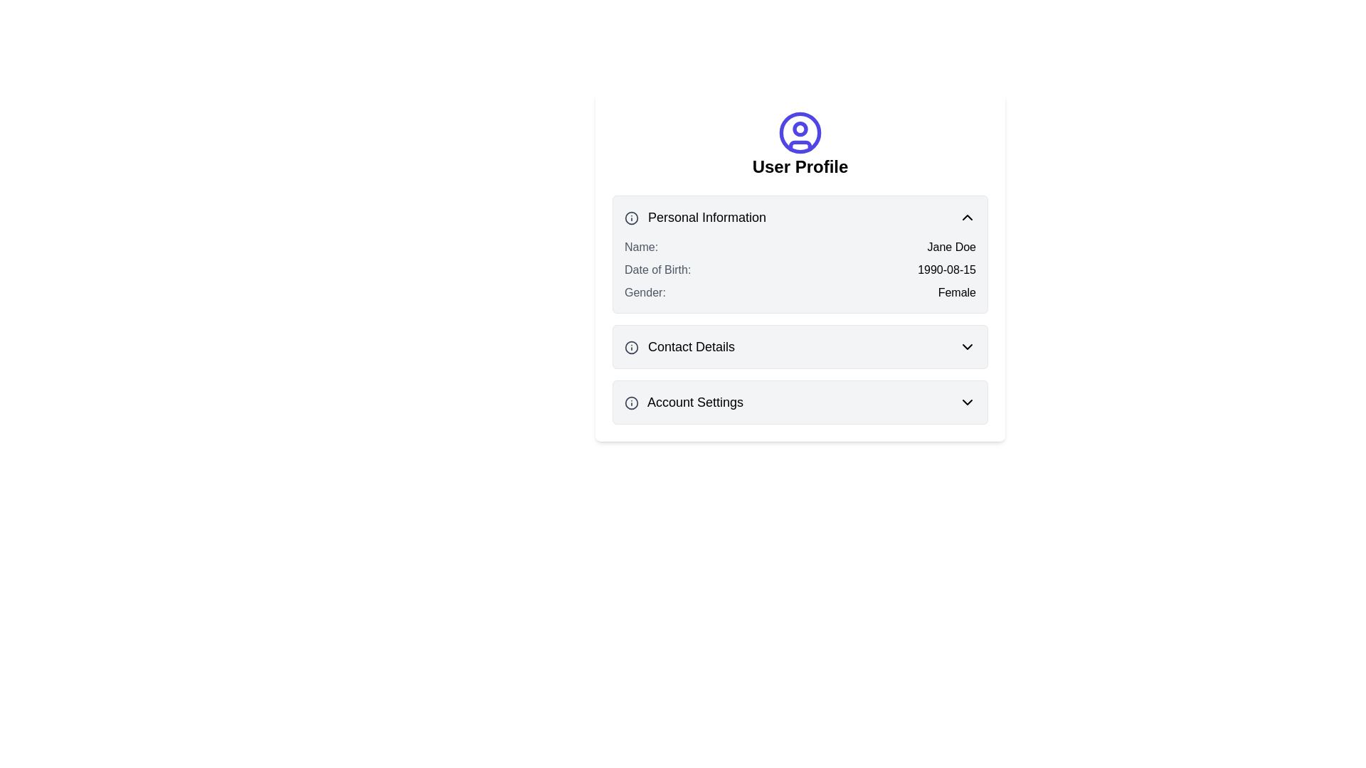 Image resolution: width=1366 pixels, height=768 pixels. I want to click on the text display element showing '1990-08-15', which is located to the right of the label 'Date of Birth:' in the 'Personal Information' section of the user profile card, so click(947, 270).